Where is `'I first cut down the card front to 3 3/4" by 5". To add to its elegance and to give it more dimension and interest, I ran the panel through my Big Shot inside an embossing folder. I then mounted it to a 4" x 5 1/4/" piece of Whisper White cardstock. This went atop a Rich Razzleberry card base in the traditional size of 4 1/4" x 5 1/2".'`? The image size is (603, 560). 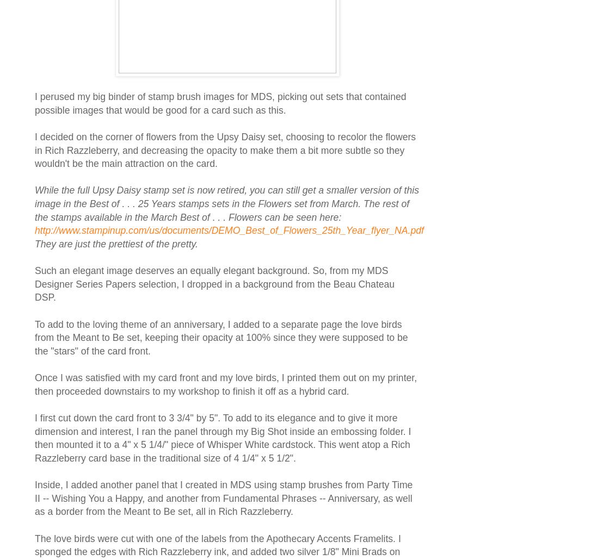 'I first cut down the card front to 3 3/4" by 5". To add to its elegance and to give it more dimension and interest, I ran the panel through my Big Shot inside an embossing folder. I then mounted it to a 4" x 5 1/4/" piece of Whisper White cardstock. This went atop a Rich Razzleberry card base in the traditional size of 4 1/4" x 5 1/2".' is located at coordinates (223, 437).